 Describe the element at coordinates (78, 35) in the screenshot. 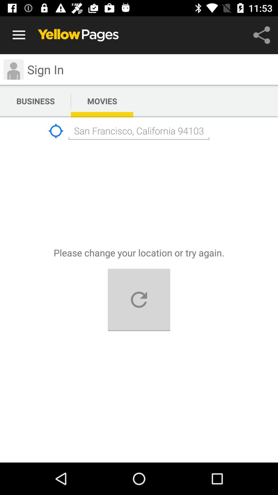

I see `the logo yellow pages` at that location.